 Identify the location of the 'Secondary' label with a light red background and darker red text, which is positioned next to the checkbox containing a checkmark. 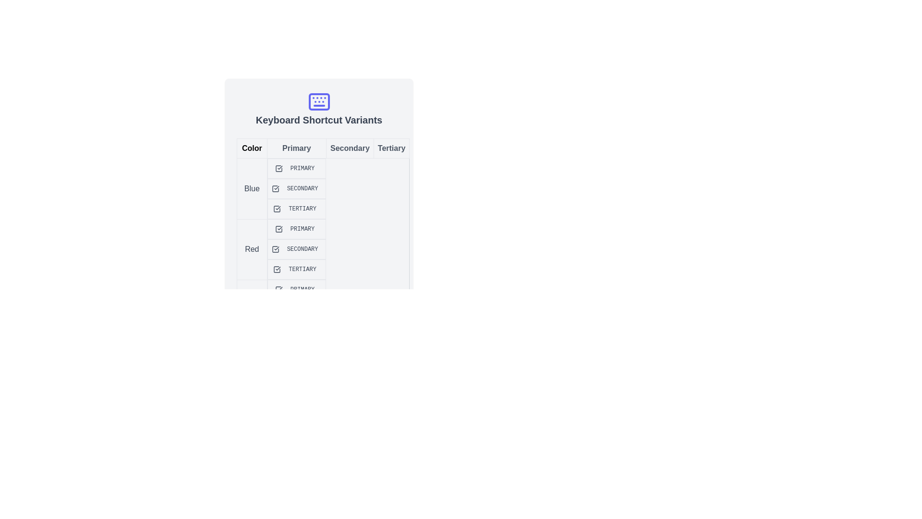
(296, 249).